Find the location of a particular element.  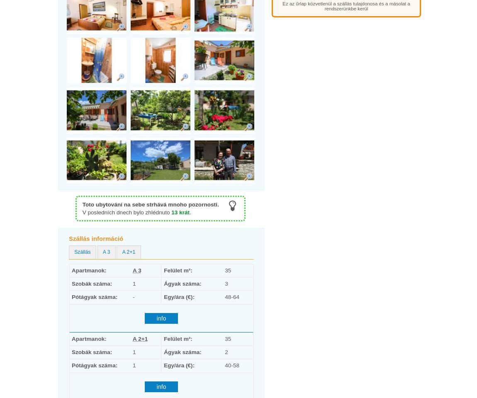

'-' is located at coordinates (133, 297).